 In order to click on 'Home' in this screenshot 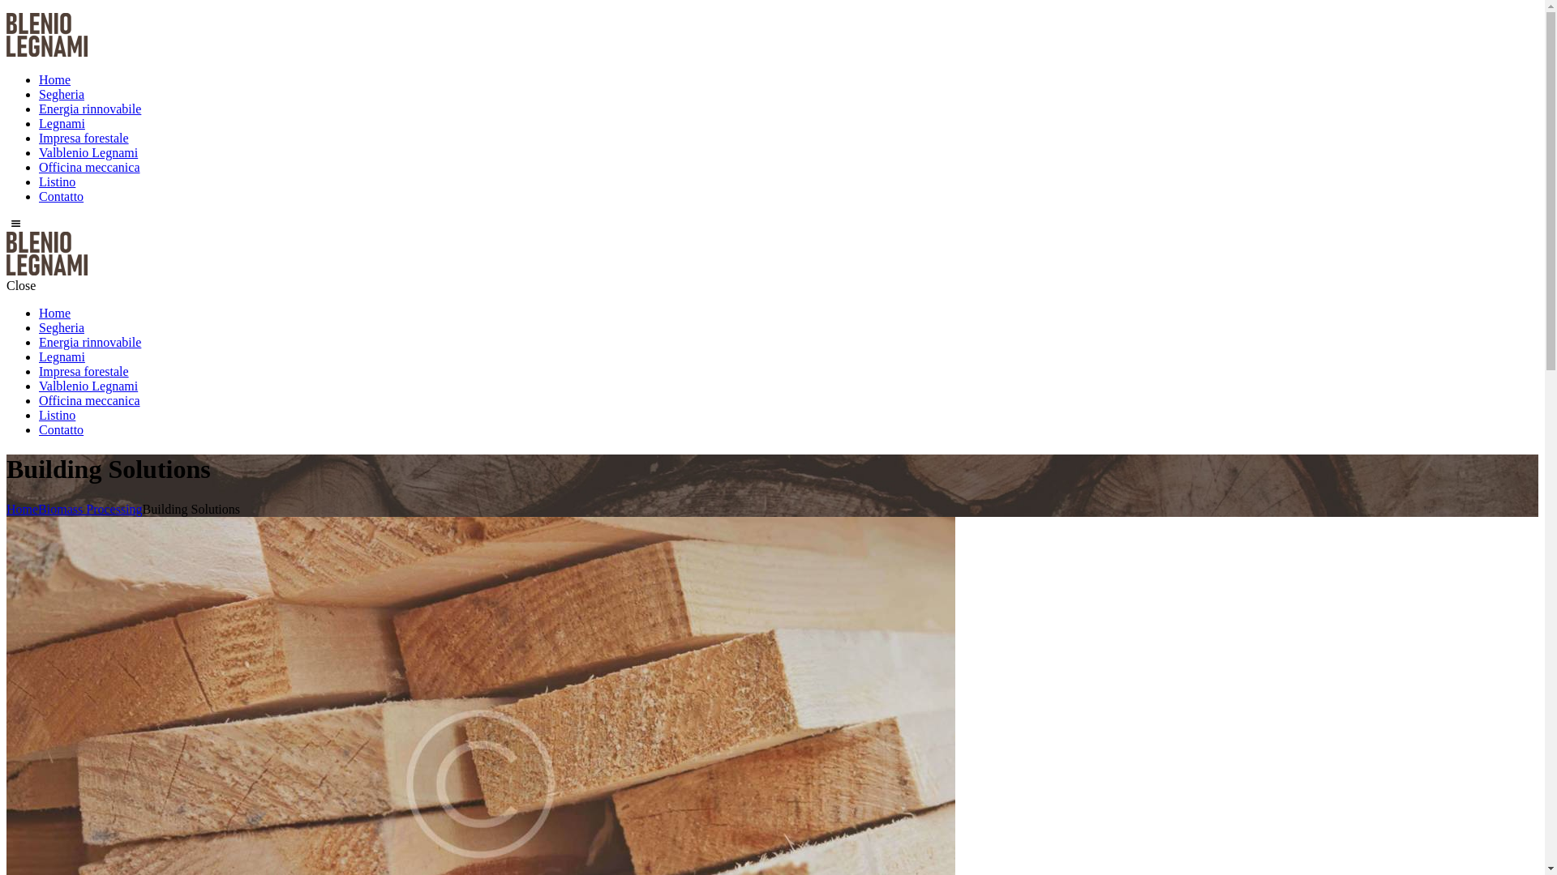, I will do `click(22, 508)`.